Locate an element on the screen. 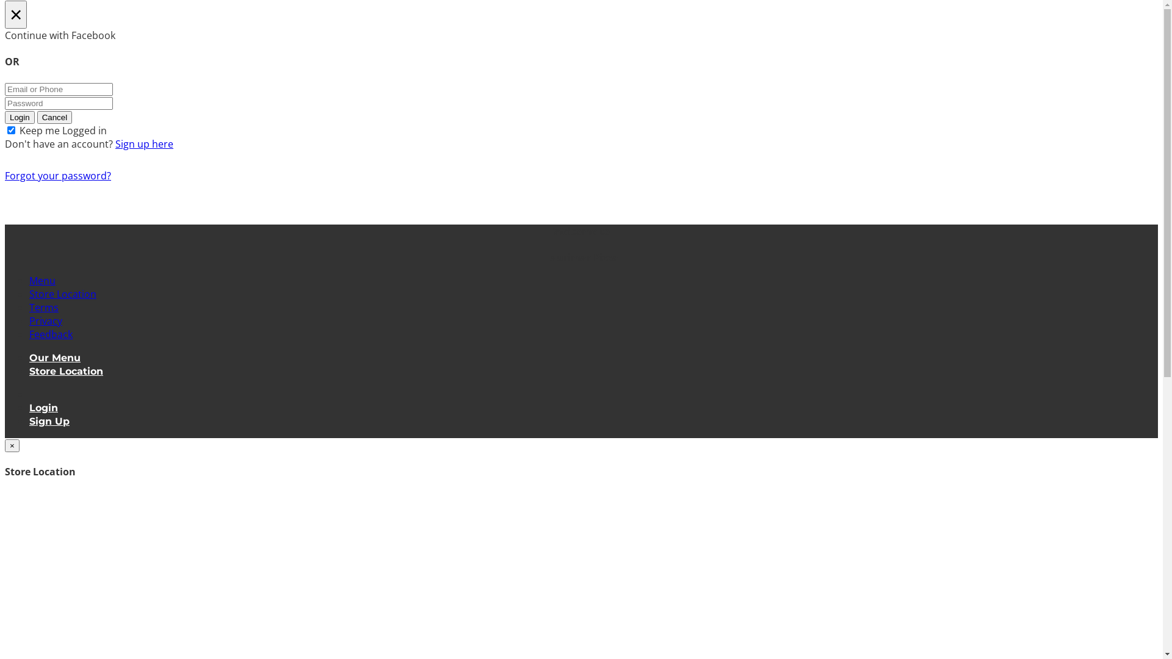 This screenshot has height=659, width=1172. 'Privacy' is located at coordinates (29, 320).